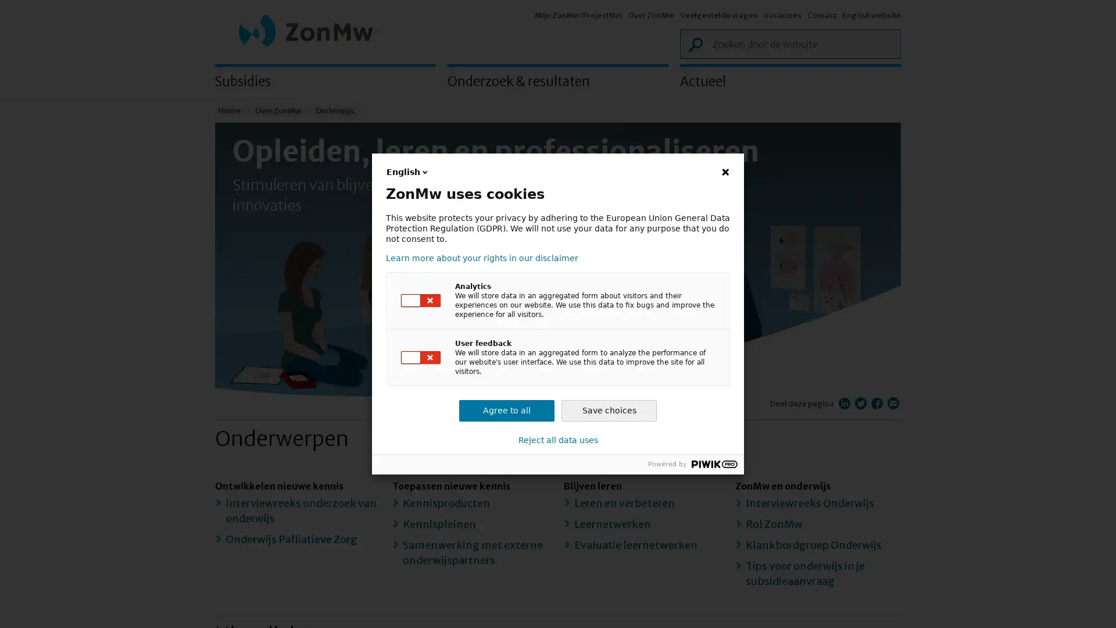 The width and height of the screenshot is (1116, 628). I want to click on Agree to all, so click(507, 410).